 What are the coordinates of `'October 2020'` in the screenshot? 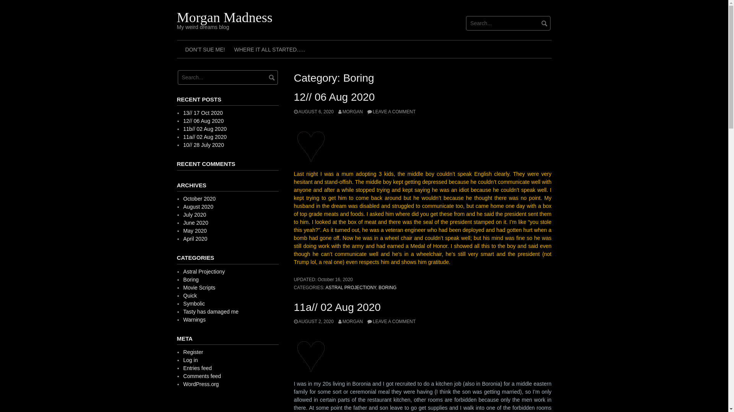 It's located at (199, 198).